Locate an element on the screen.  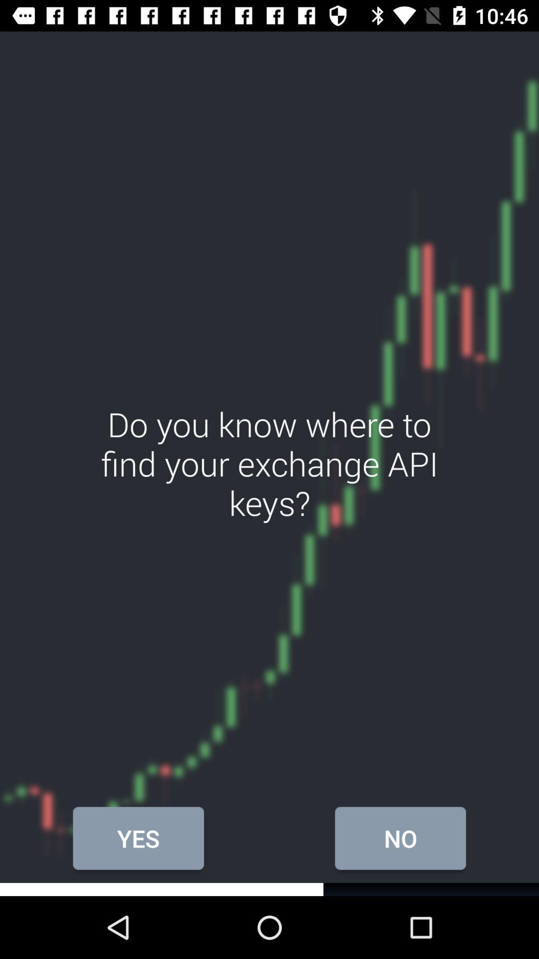
no icon is located at coordinates (400, 838).